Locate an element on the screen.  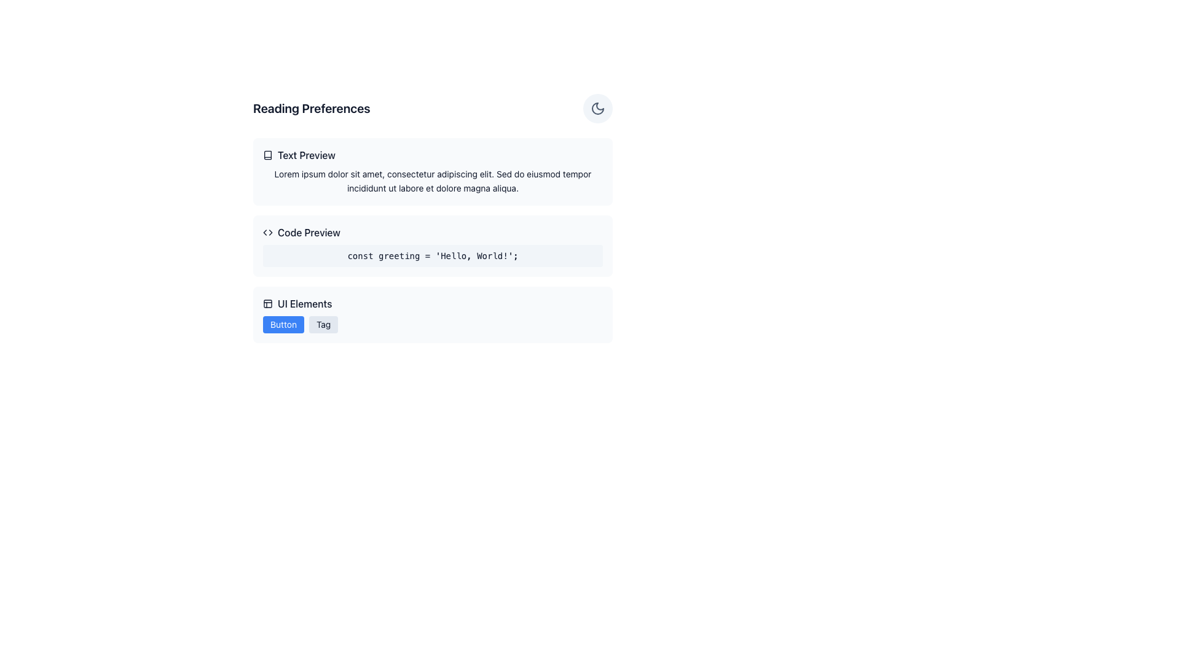
the Text block with code styling that displays the code snippet "const greeting = 'Hello, World!';" within the 'Code Preview' section is located at coordinates (433, 255).